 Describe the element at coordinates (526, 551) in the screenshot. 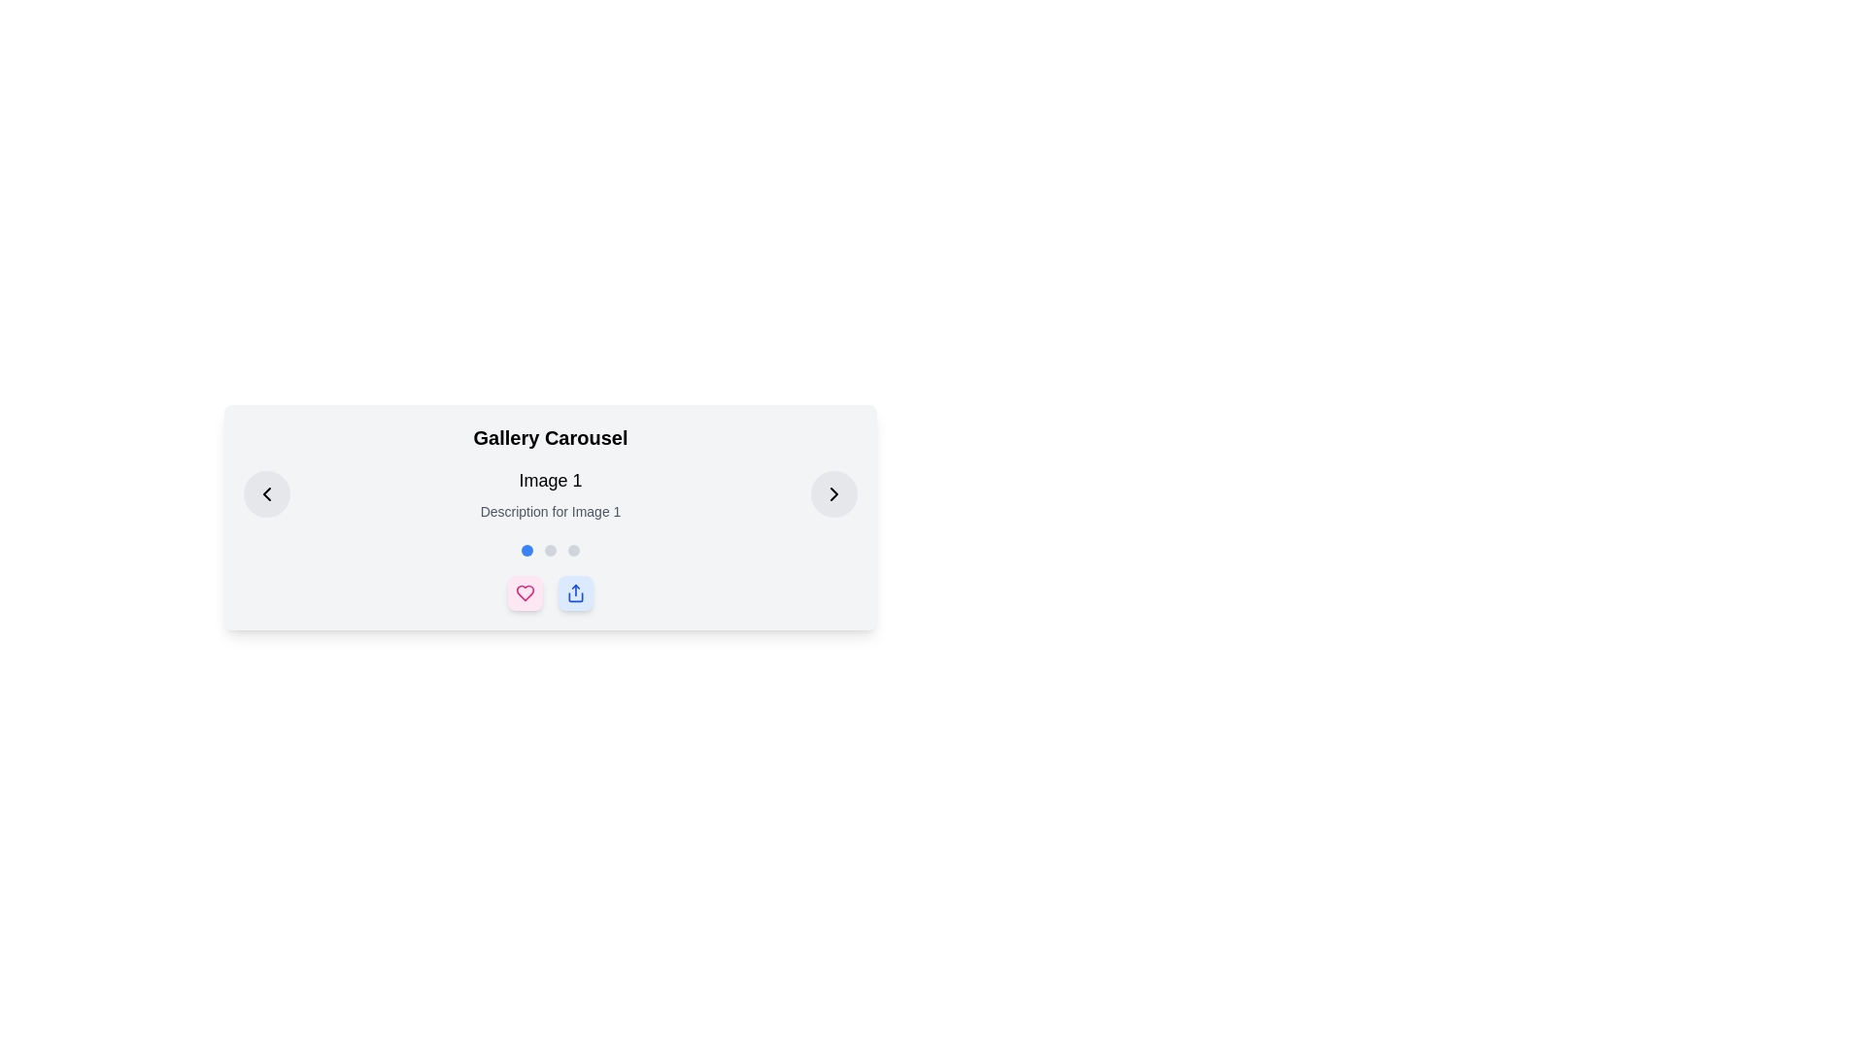

I see `the first circular navigation indicator with a blue fill` at that location.